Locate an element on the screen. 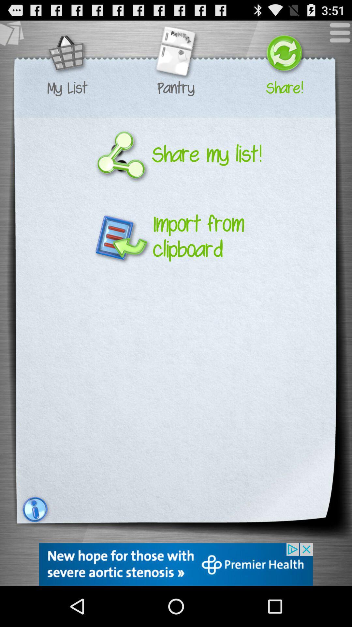 The image size is (352, 627). link to advertisement is located at coordinates (176, 564).